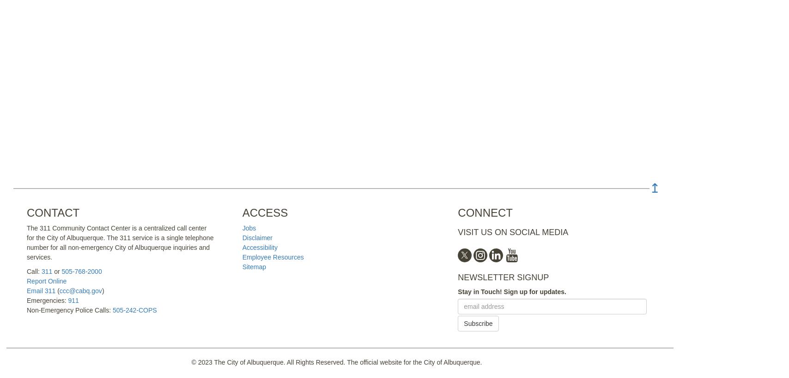 The image size is (789, 378). I want to click on 'or', so click(56, 272).